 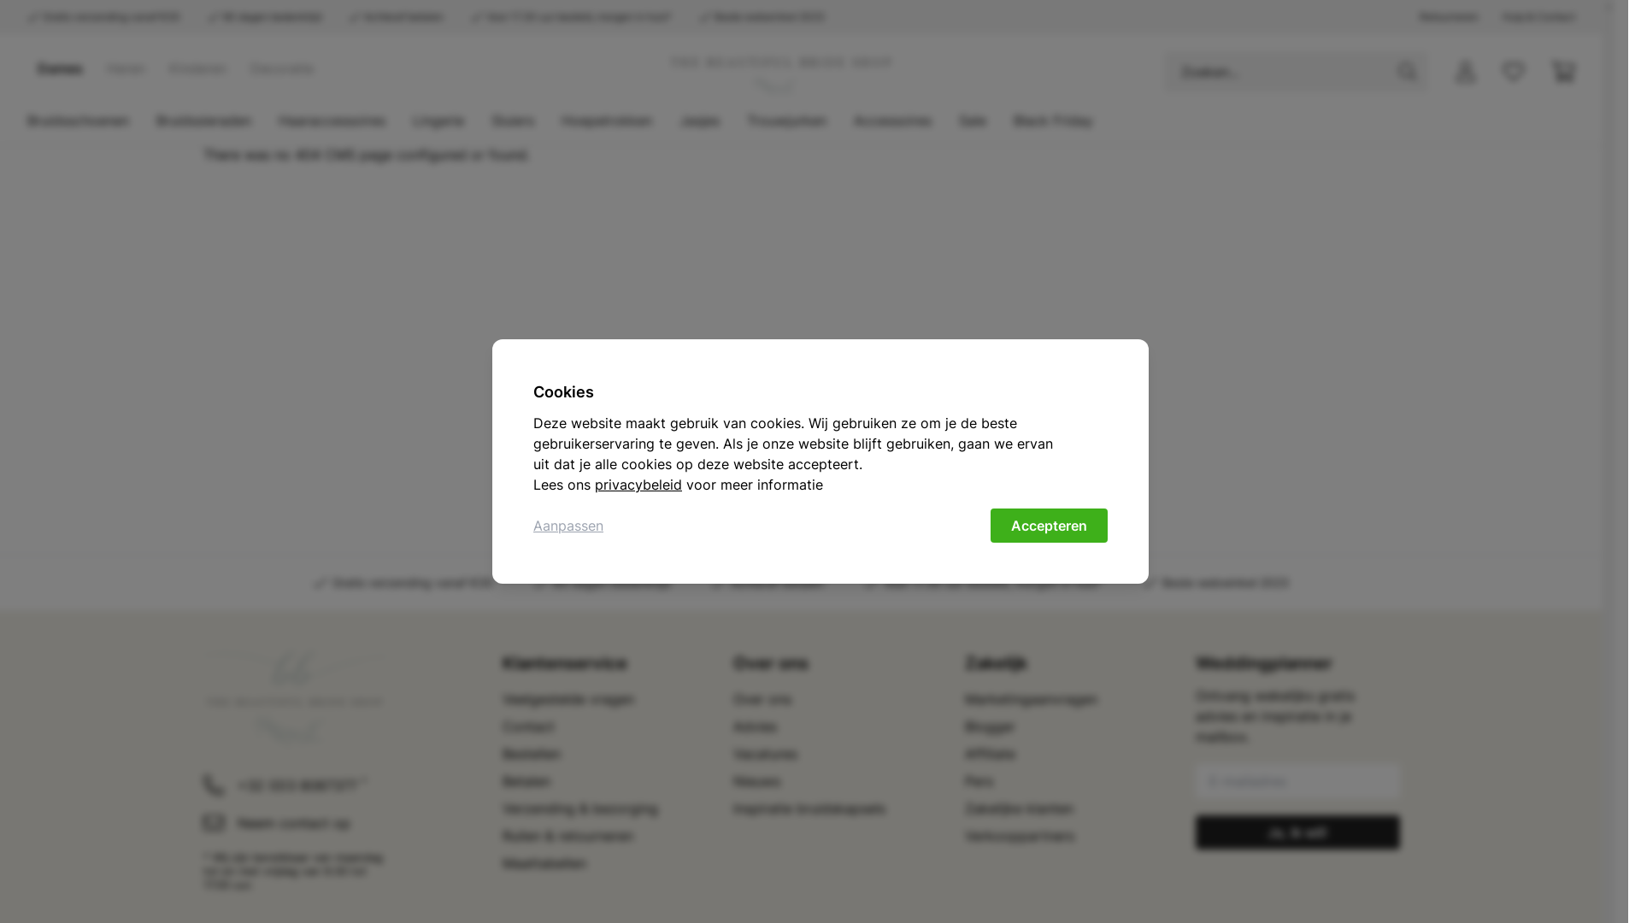 I want to click on 'privacybeleid', so click(x=638, y=485).